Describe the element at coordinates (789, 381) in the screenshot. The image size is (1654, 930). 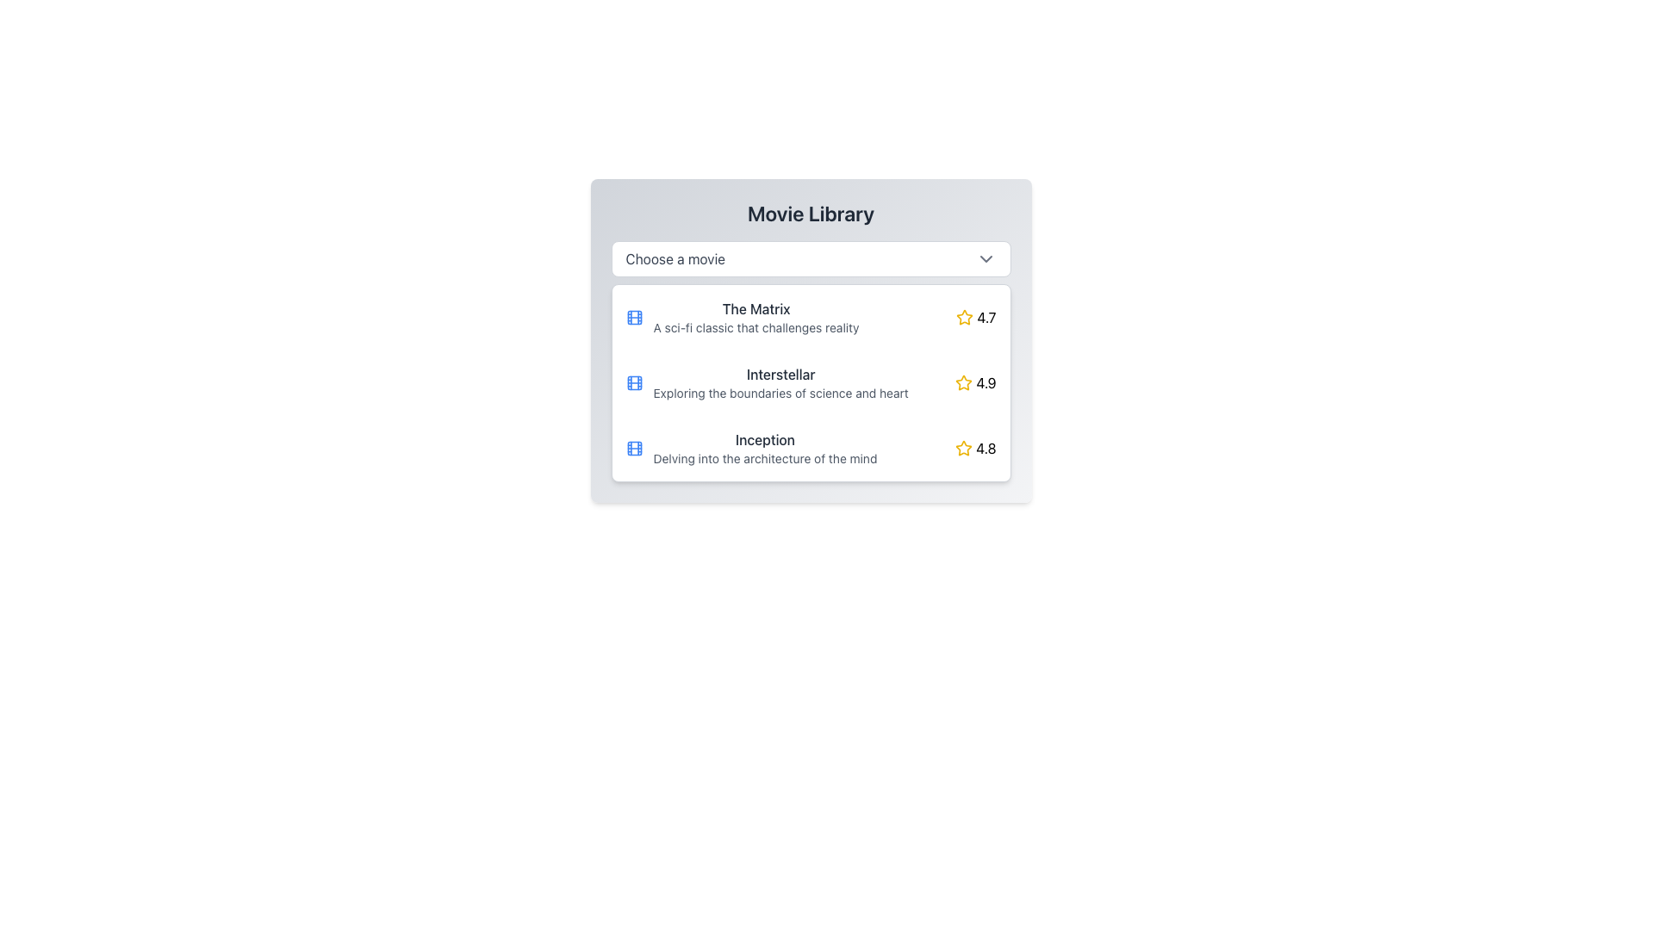
I see `the 'Interstellar' text label to focus on its description, which is the second item in the movie list, located below 'The Matrix' and above 'Inception'` at that location.